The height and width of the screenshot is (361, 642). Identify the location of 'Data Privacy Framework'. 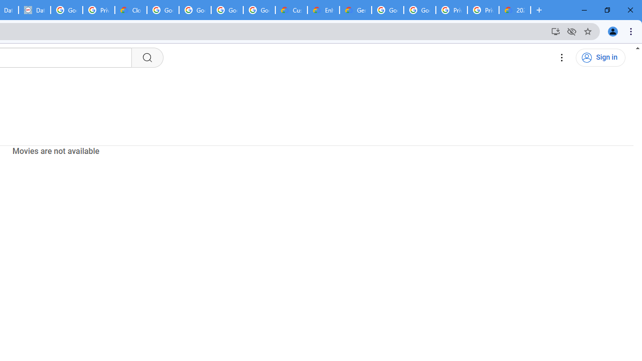
(35, 10).